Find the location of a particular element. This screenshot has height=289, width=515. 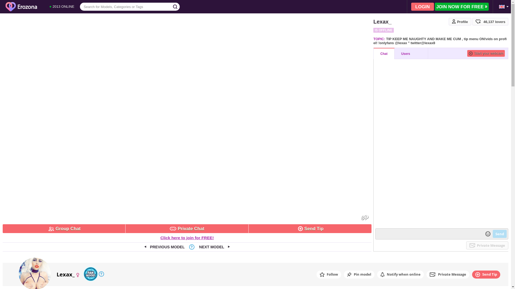

'Private Chat' is located at coordinates (187, 229).